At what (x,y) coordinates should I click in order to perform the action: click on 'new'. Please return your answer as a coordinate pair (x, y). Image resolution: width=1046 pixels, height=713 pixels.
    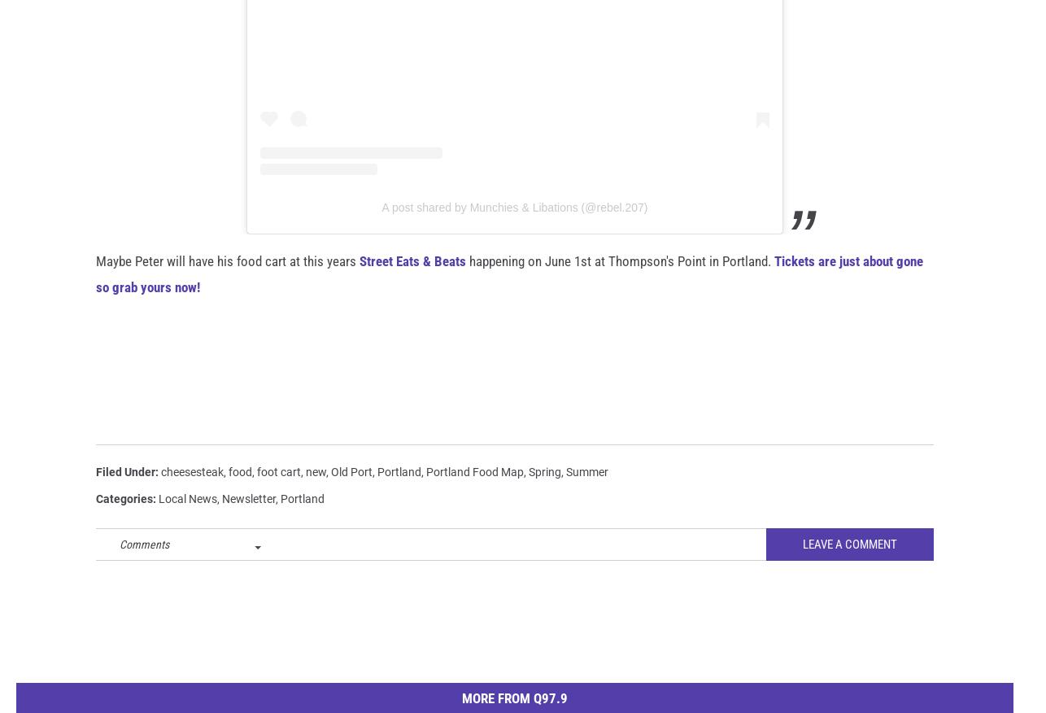
    Looking at the image, I should click on (315, 497).